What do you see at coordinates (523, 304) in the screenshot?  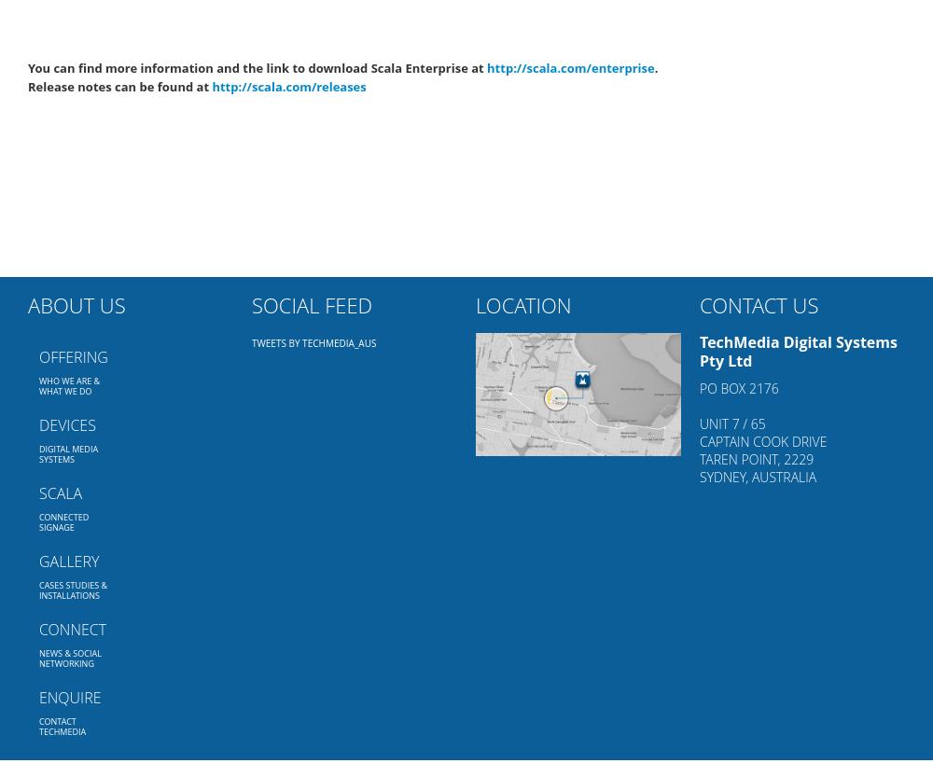 I see `'Location'` at bounding box center [523, 304].